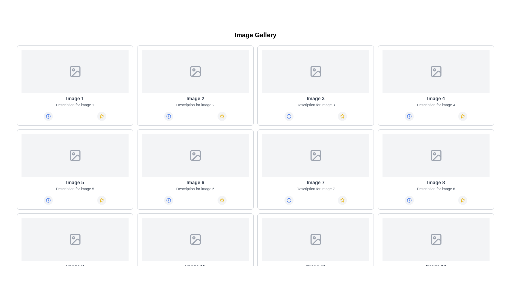 The image size is (510, 287). Describe the element at coordinates (436, 155) in the screenshot. I see `the outlined image icon with a light gray color, located in the eighth tile of the grid layout` at that location.